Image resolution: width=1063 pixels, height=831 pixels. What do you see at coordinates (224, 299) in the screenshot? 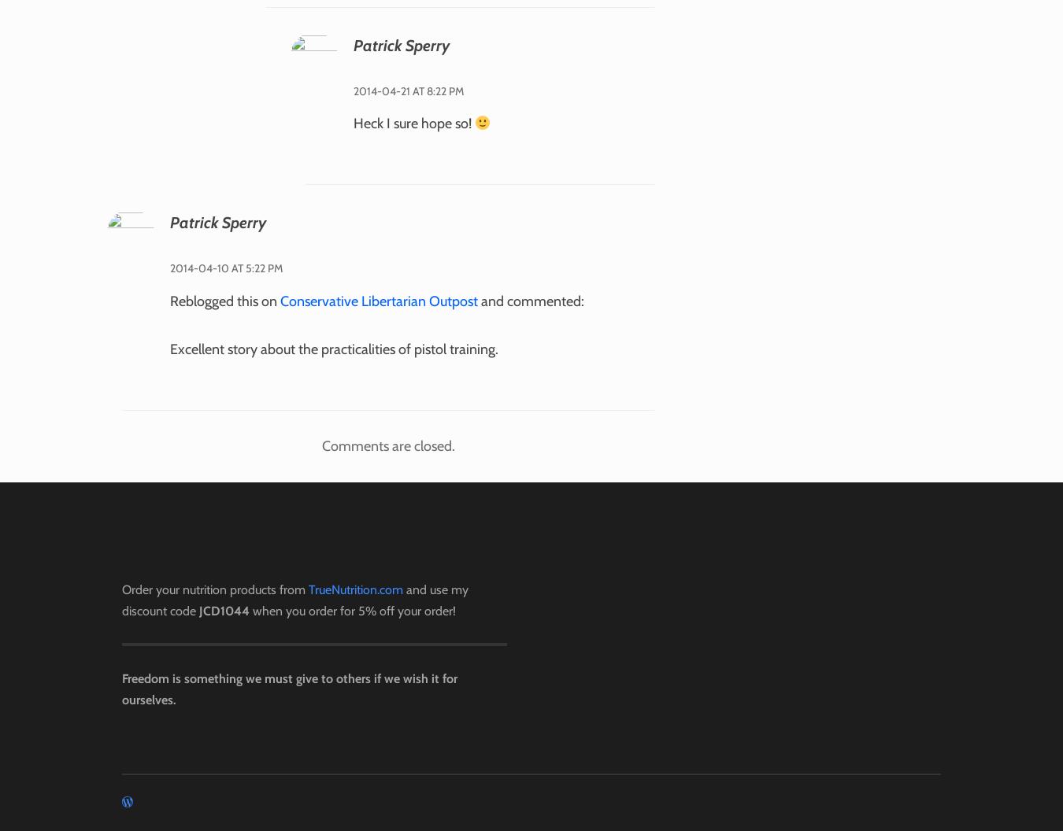
I see `'Reblogged this on'` at bounding box center [224, 299].